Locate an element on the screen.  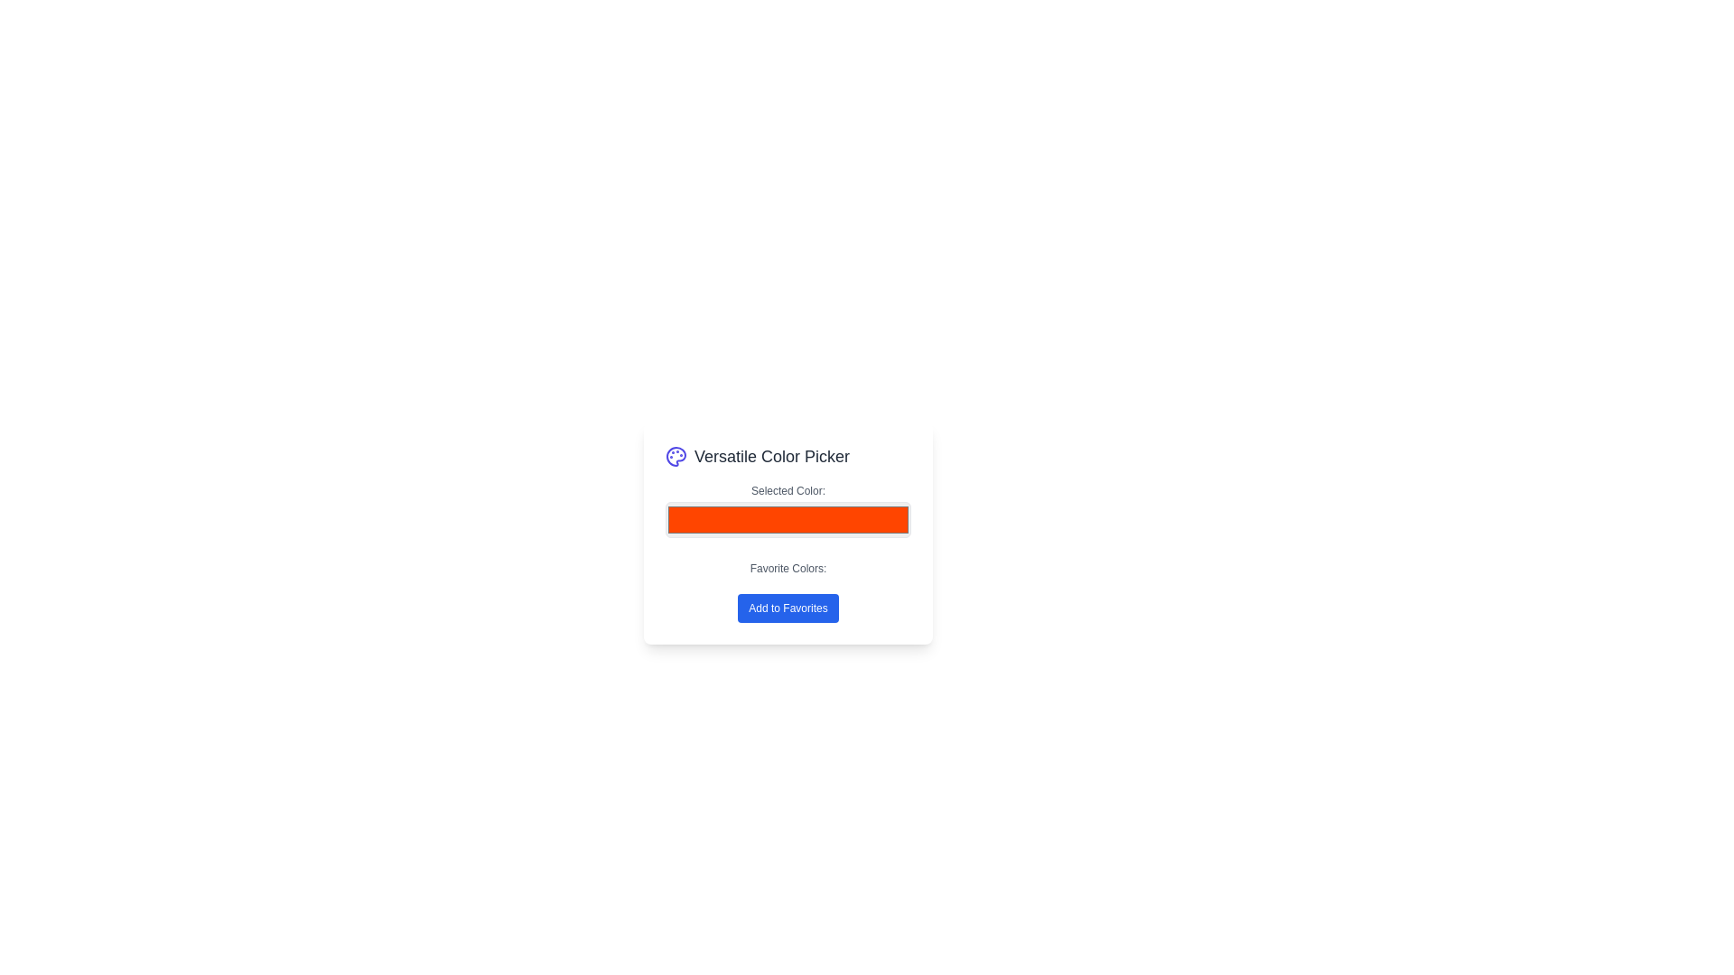
the static text label that reads 'Favorite Colors:', which is bold and light gray, located below the 'Selected Color' area and above the 'Add to Favorites' button is located at coordinates (788, 567).